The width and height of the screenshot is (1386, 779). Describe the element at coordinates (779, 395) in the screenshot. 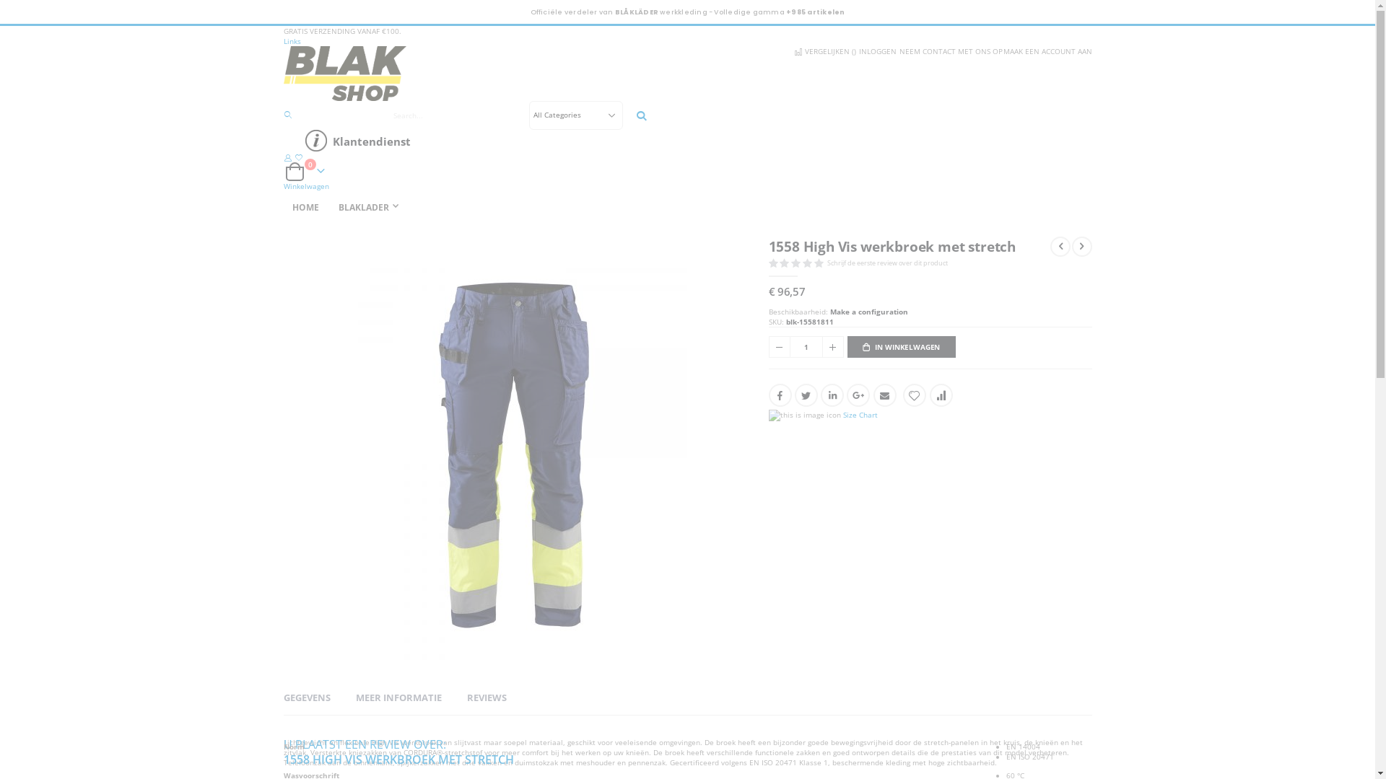

I see `'Facebook'` at that location.